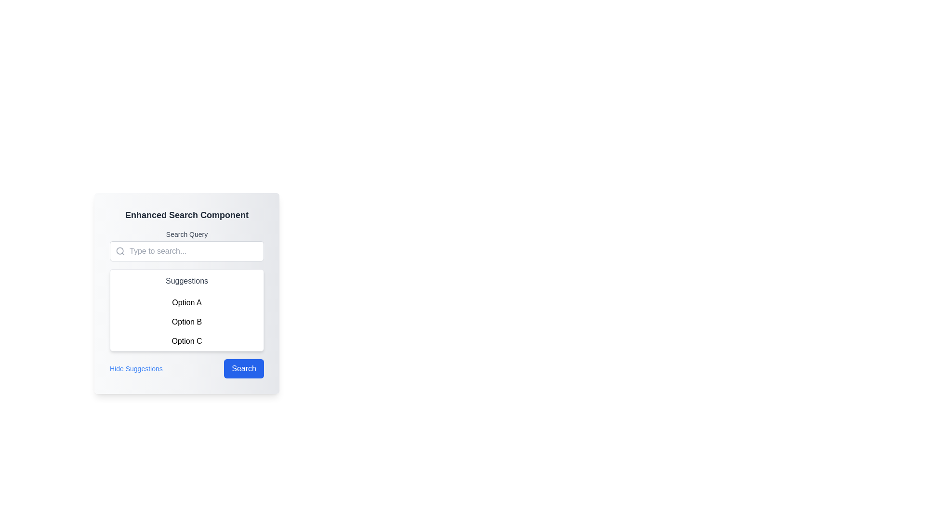 This screenshot has height=520, width=925. I want to click on the third item in the suggestion list, located below 'Option B', so click(187, 341).